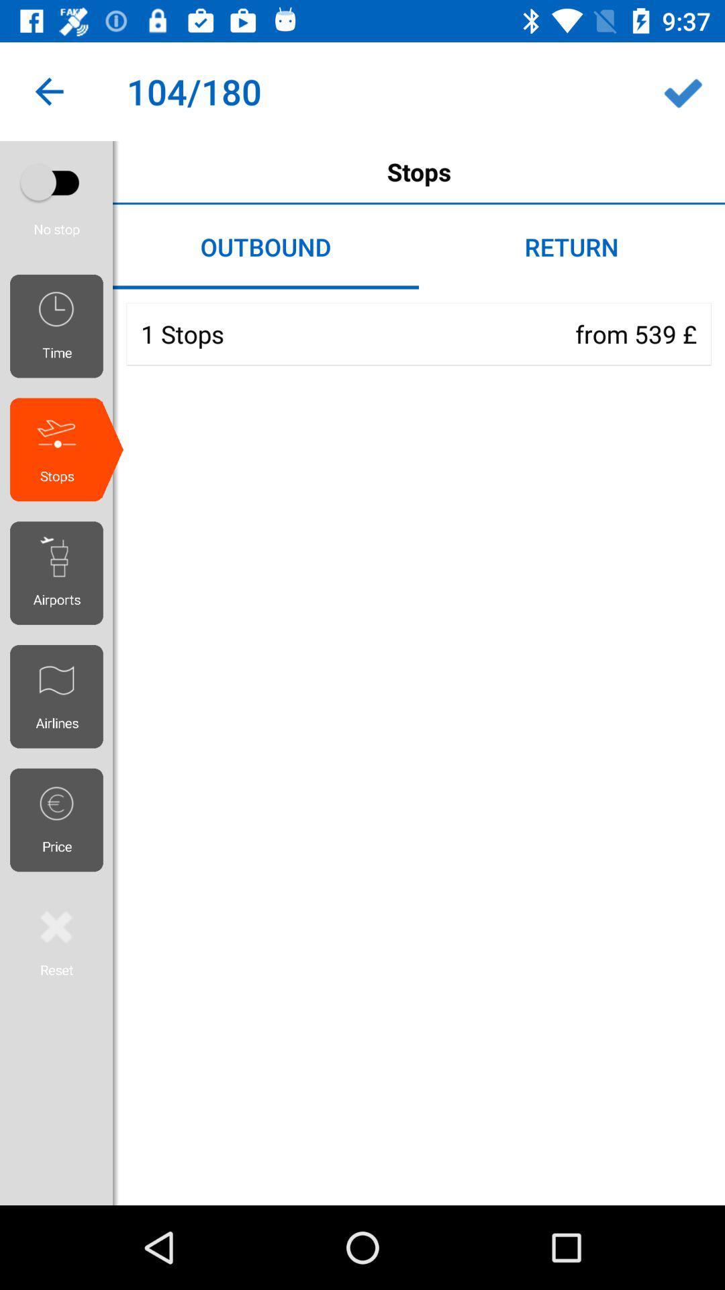  Describe the element at coordinates (61, 696) in the screenshot. I see `the airlines icon` at that location.